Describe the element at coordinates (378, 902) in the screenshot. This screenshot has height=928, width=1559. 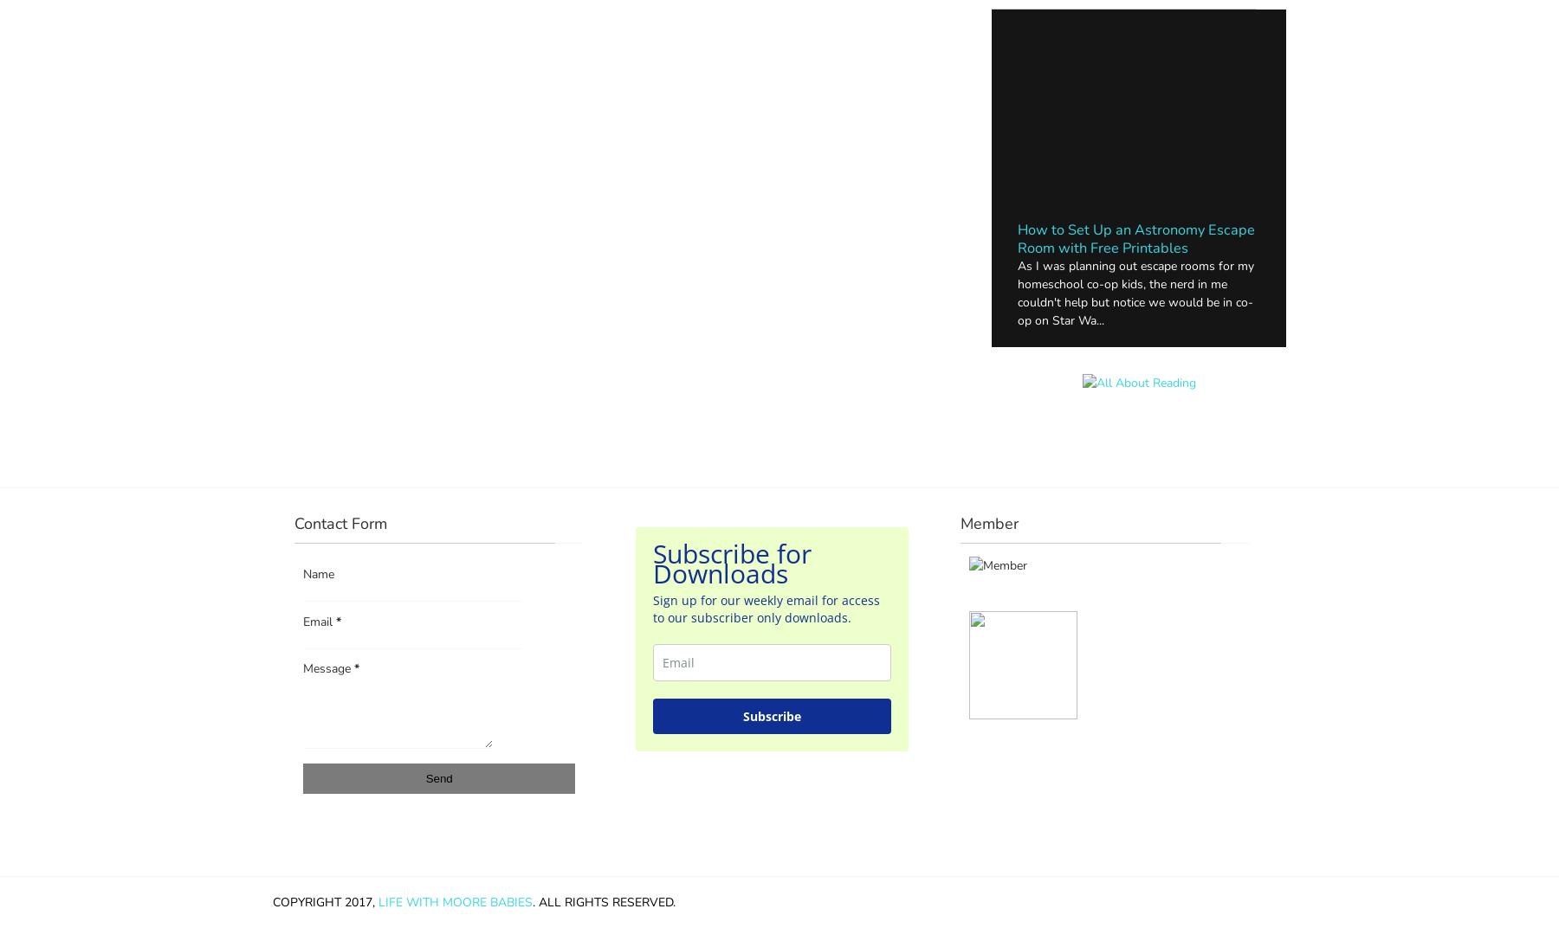
I see `'Life with Moore Babies'` at that location.